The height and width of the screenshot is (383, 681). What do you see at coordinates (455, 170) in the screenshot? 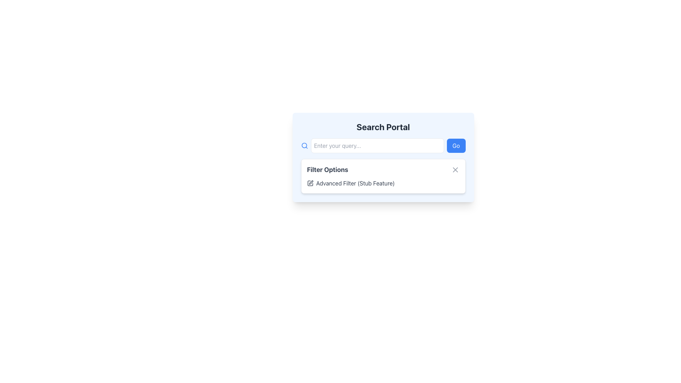
I see `the Close Button located on the far right of the 'Filter Options' section, which allows users to dismiss or remove that section` at bounding box center [455, 170].